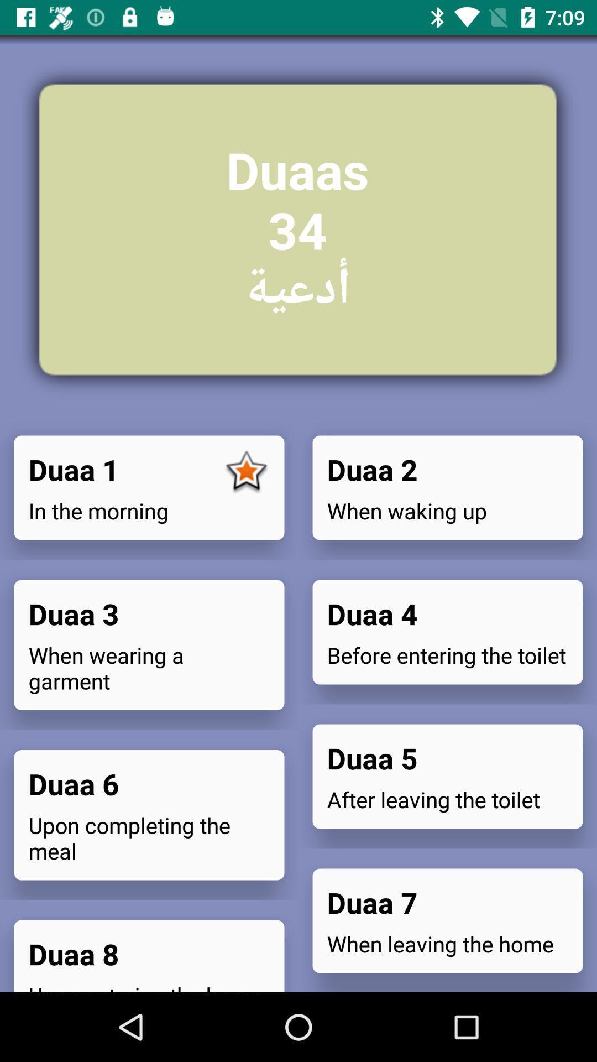 Image resolution: width=597 pixels, height=1062 pixels. What do you see at coordinates (246, 473) in the screenshot?
I see `icon on the right side of duaa 1` at bounding box center [246, 473].